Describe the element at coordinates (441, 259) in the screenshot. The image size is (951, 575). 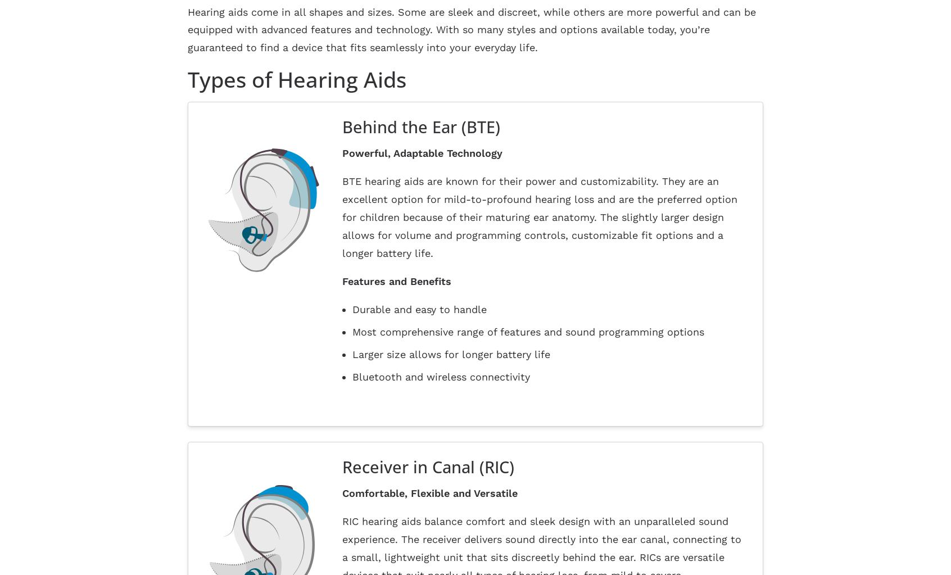
I see `'Bluetooth and wireless connectivity'` at that location.